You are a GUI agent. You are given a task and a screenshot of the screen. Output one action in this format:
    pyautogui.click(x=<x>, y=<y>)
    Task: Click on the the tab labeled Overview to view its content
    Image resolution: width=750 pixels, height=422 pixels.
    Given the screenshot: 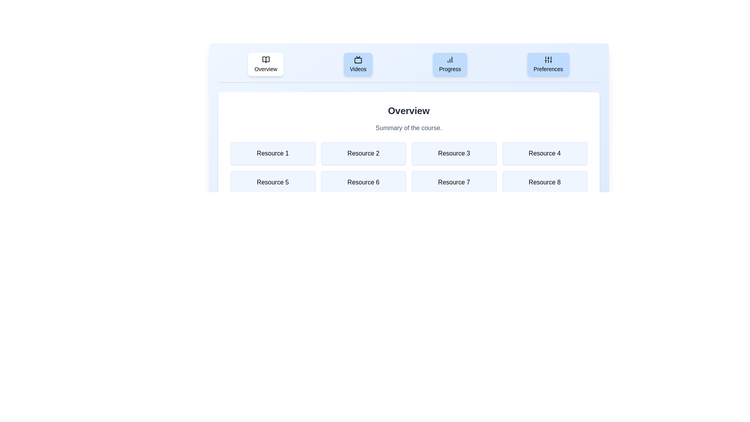 What is the action you would take?
    pyautogui.click(x=266, y=64)
    